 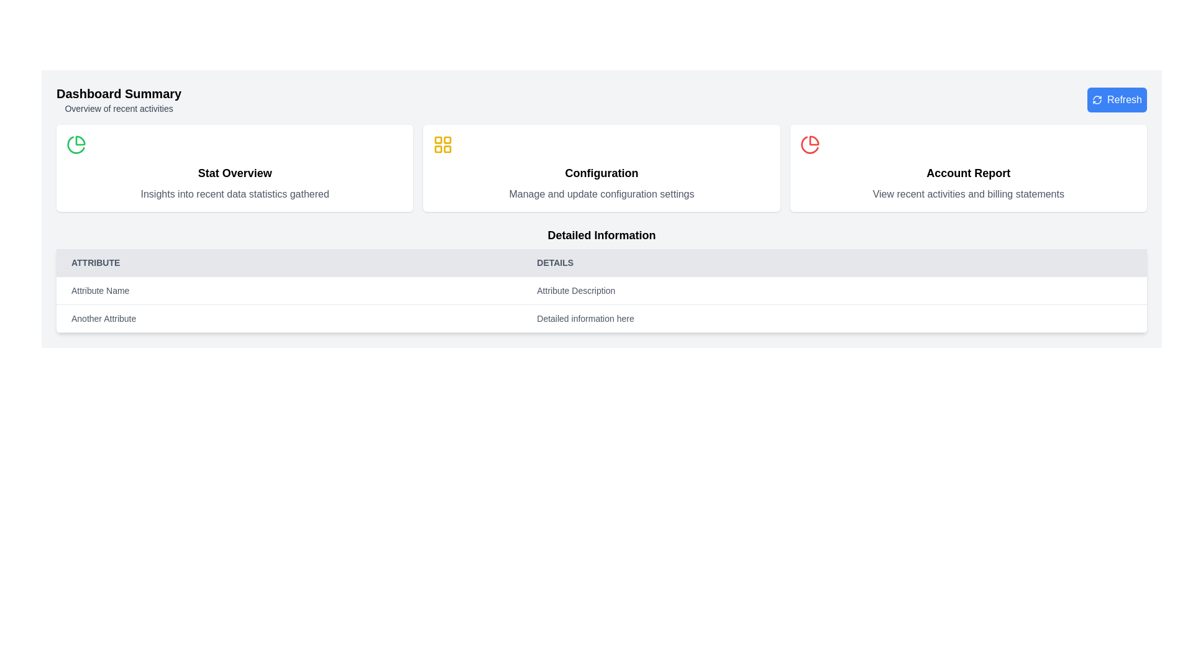 I want to click on the prominent text element displaying 'Dashboard Summary' in bold, which is located in the top left part of the interface, so click(x=119, y=99).